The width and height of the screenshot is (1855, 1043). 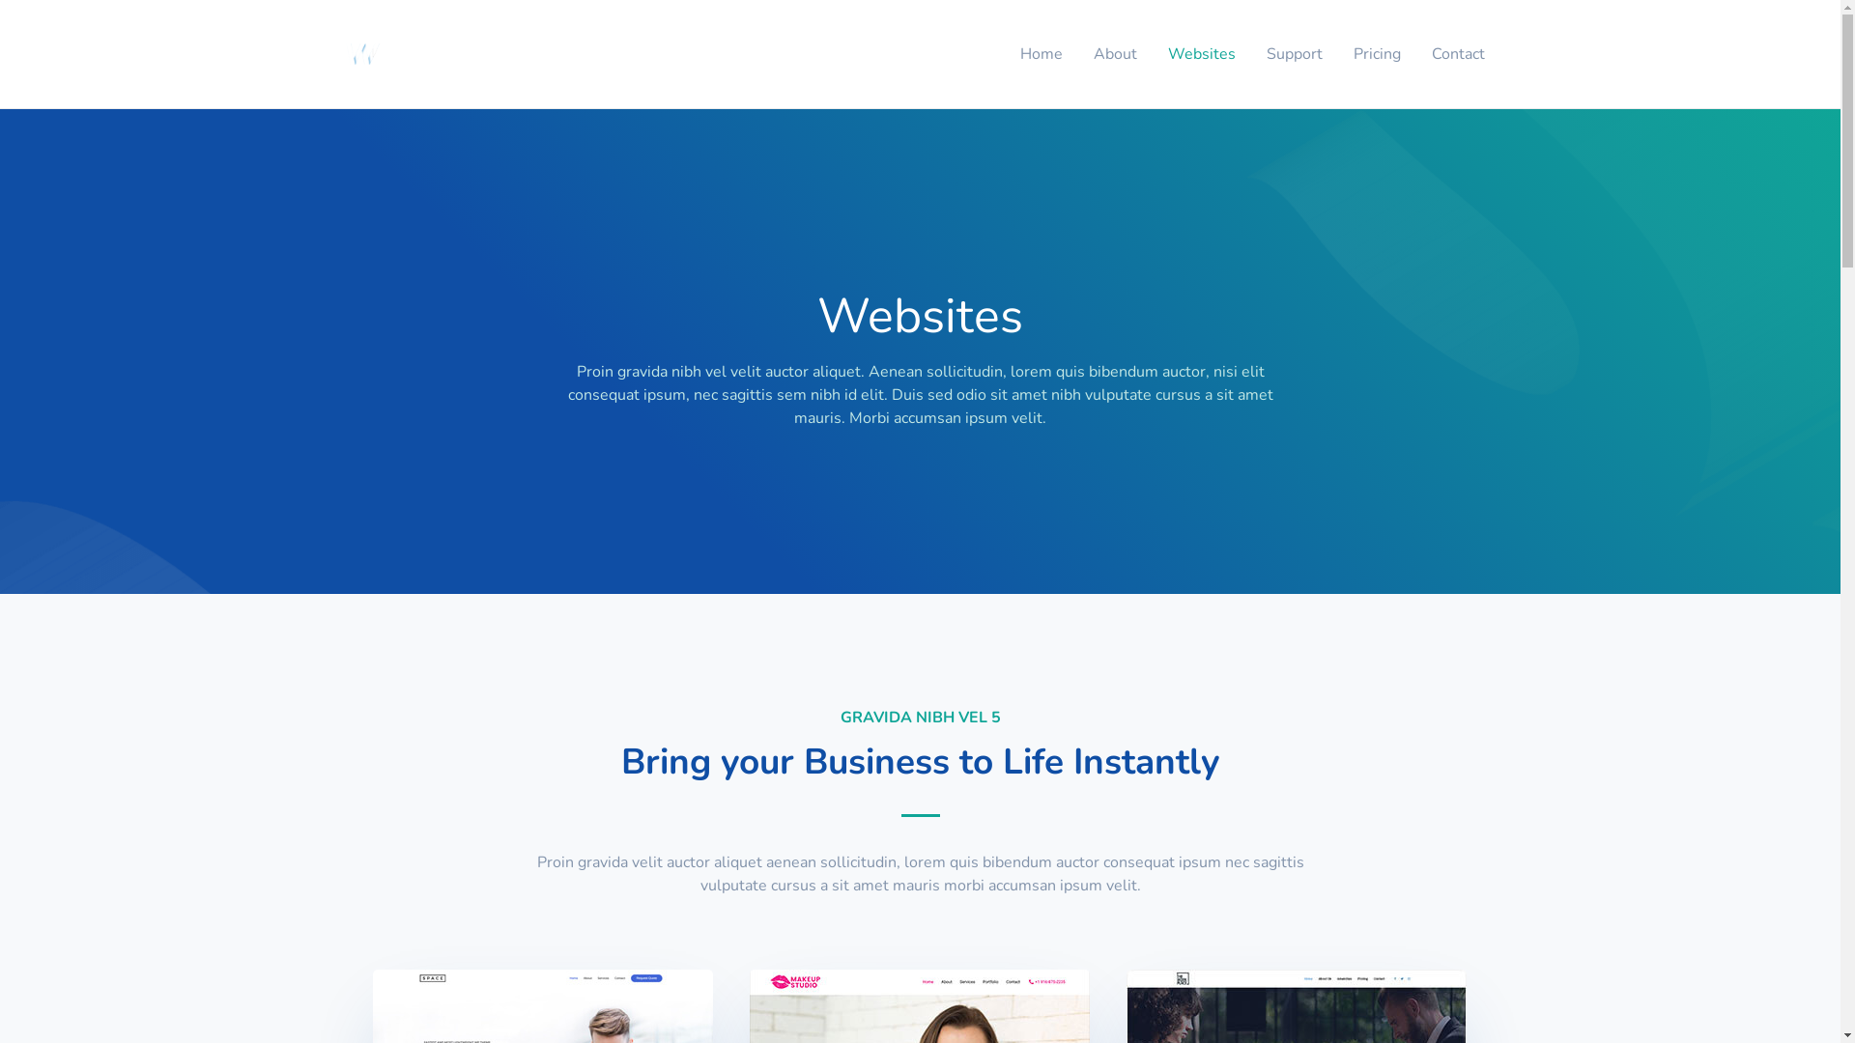 I want to click on 'Pricing', so click(x=1375, y=53).